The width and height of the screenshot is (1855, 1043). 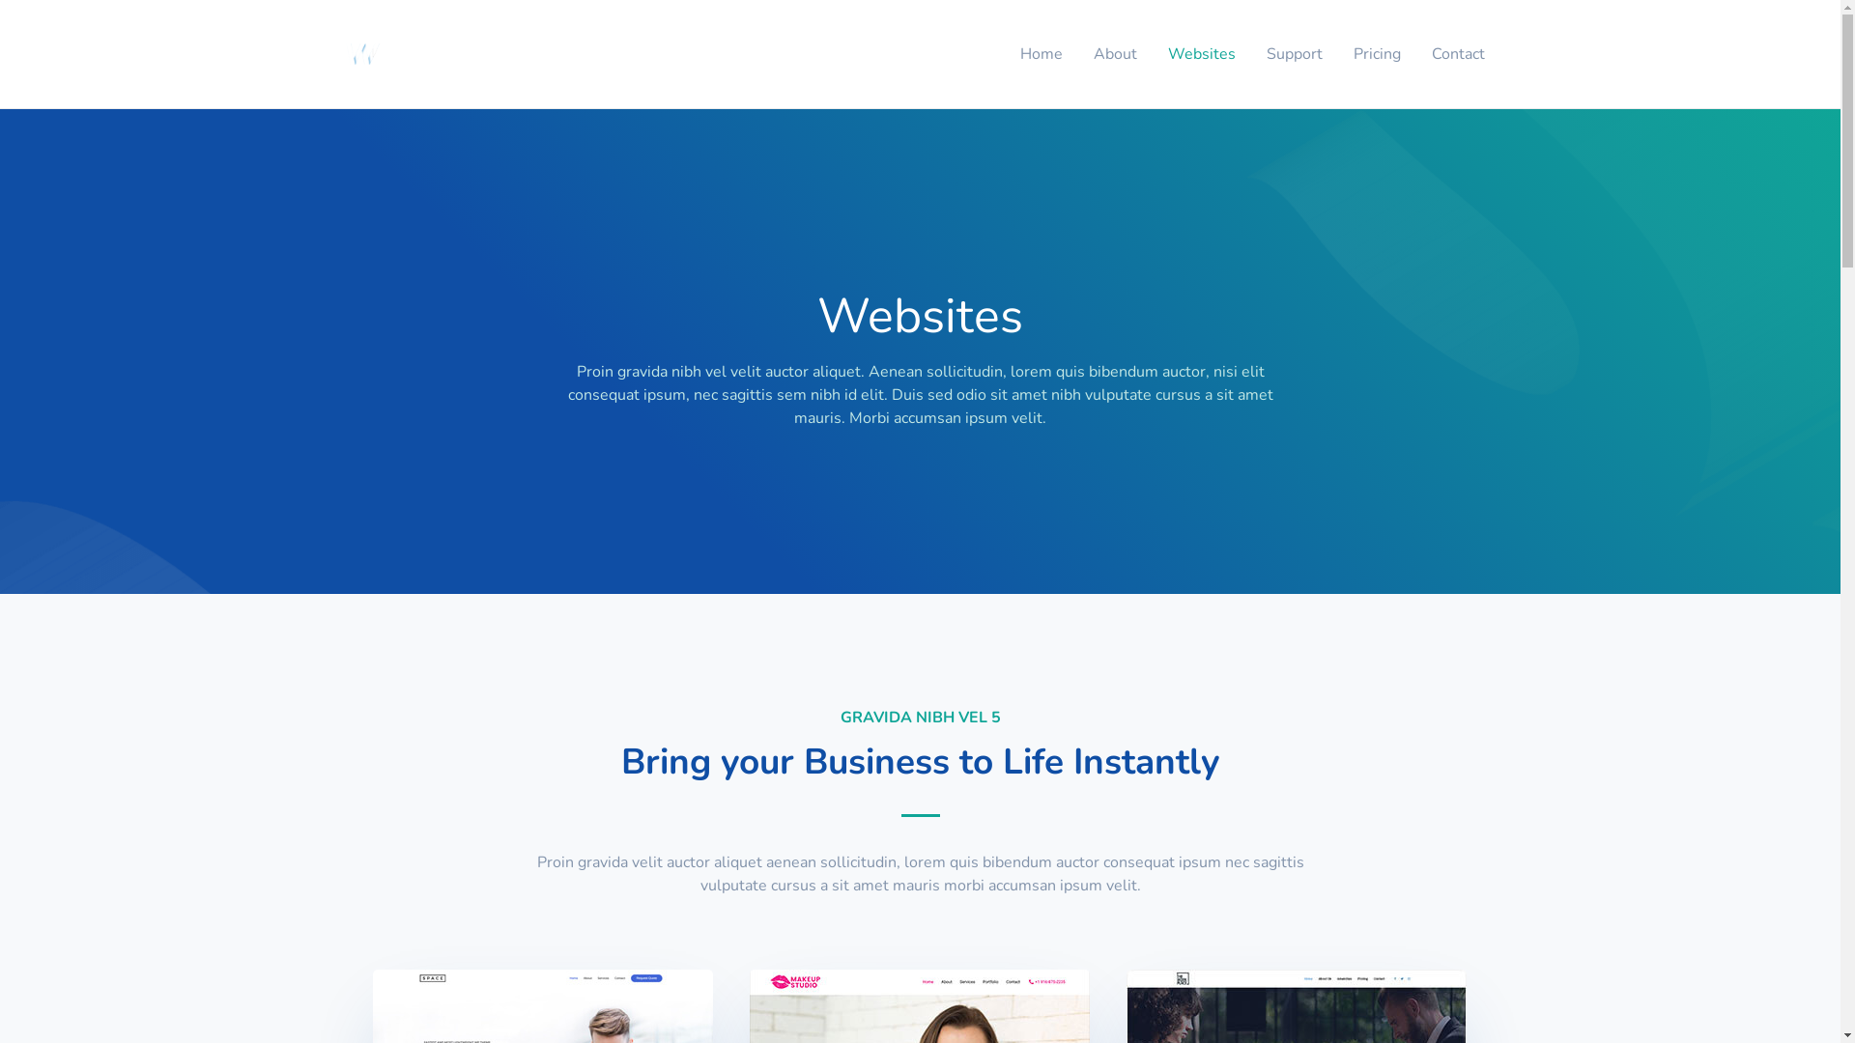 I want to click on 'Pricing', so click(x=1375, y=53).